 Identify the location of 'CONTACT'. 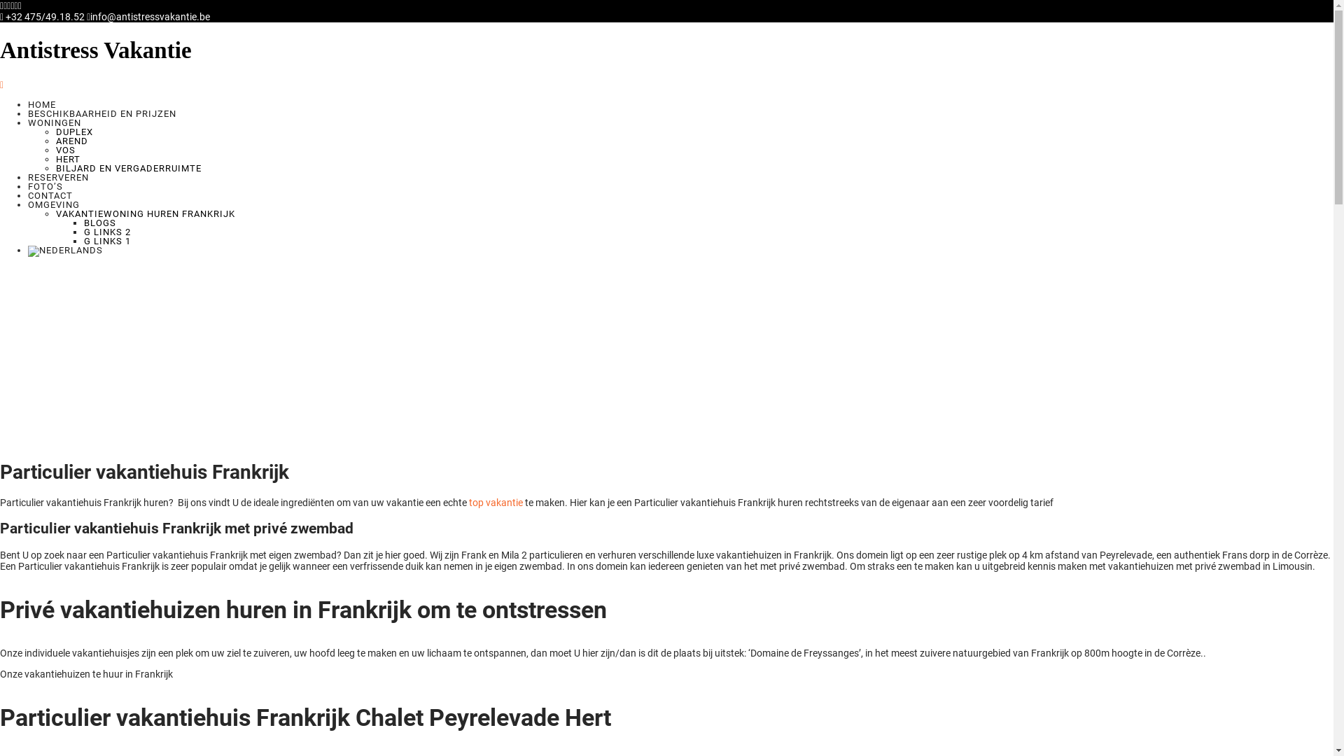
(50, 195).